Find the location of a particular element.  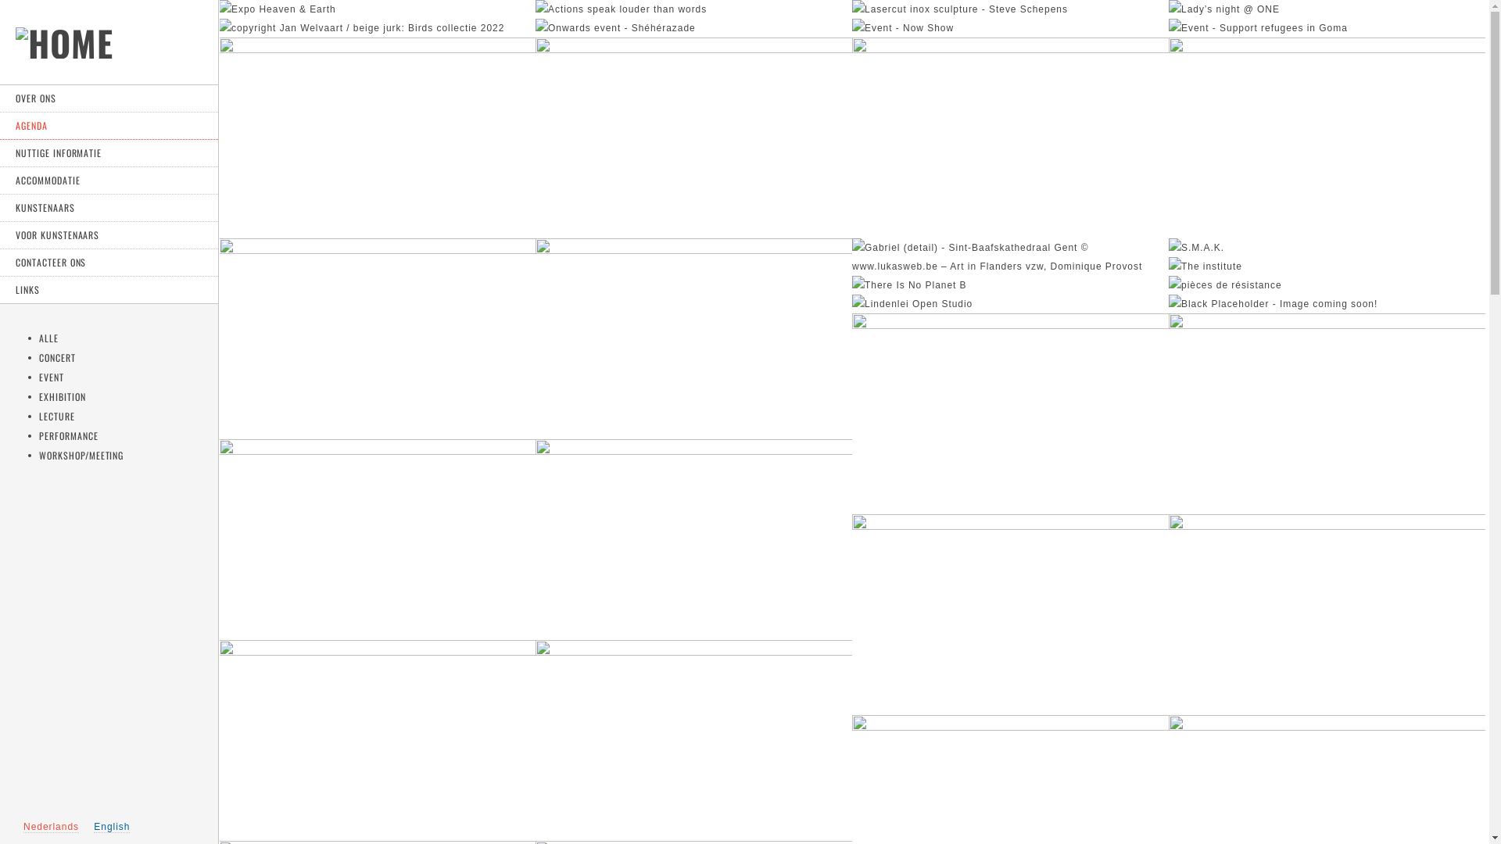

'OVER ONS' is located at coordinates (108, 98).